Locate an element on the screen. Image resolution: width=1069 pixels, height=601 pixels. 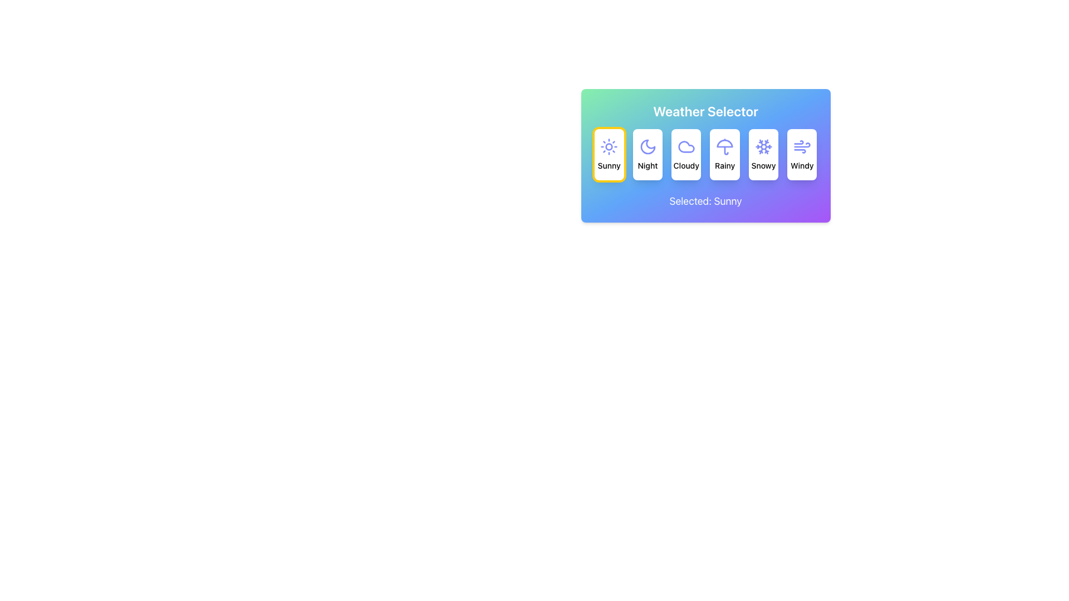
the 'Night' weather icon located in the weather selection interface is located at coordinates (648, 146).